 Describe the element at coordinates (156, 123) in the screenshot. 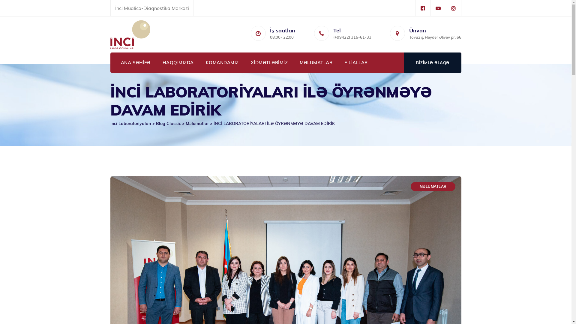

I see `'Blog Classic'` at that location.